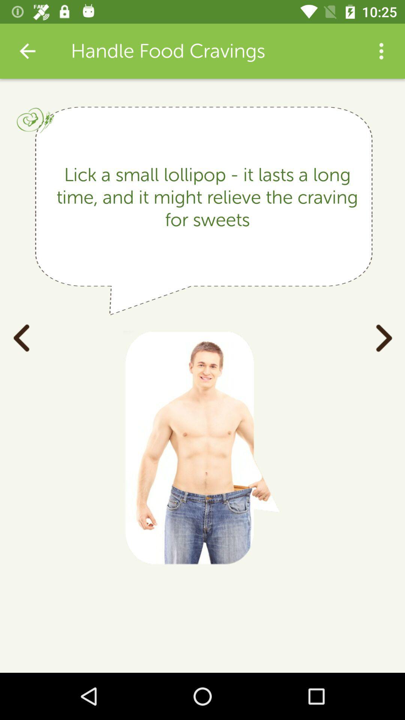 The width and height of the screenshot is (405, 720). What do you see at coordinates (384, 337) in the screenshot?
I see `the icon on the right` at bounding box center [384, 337].